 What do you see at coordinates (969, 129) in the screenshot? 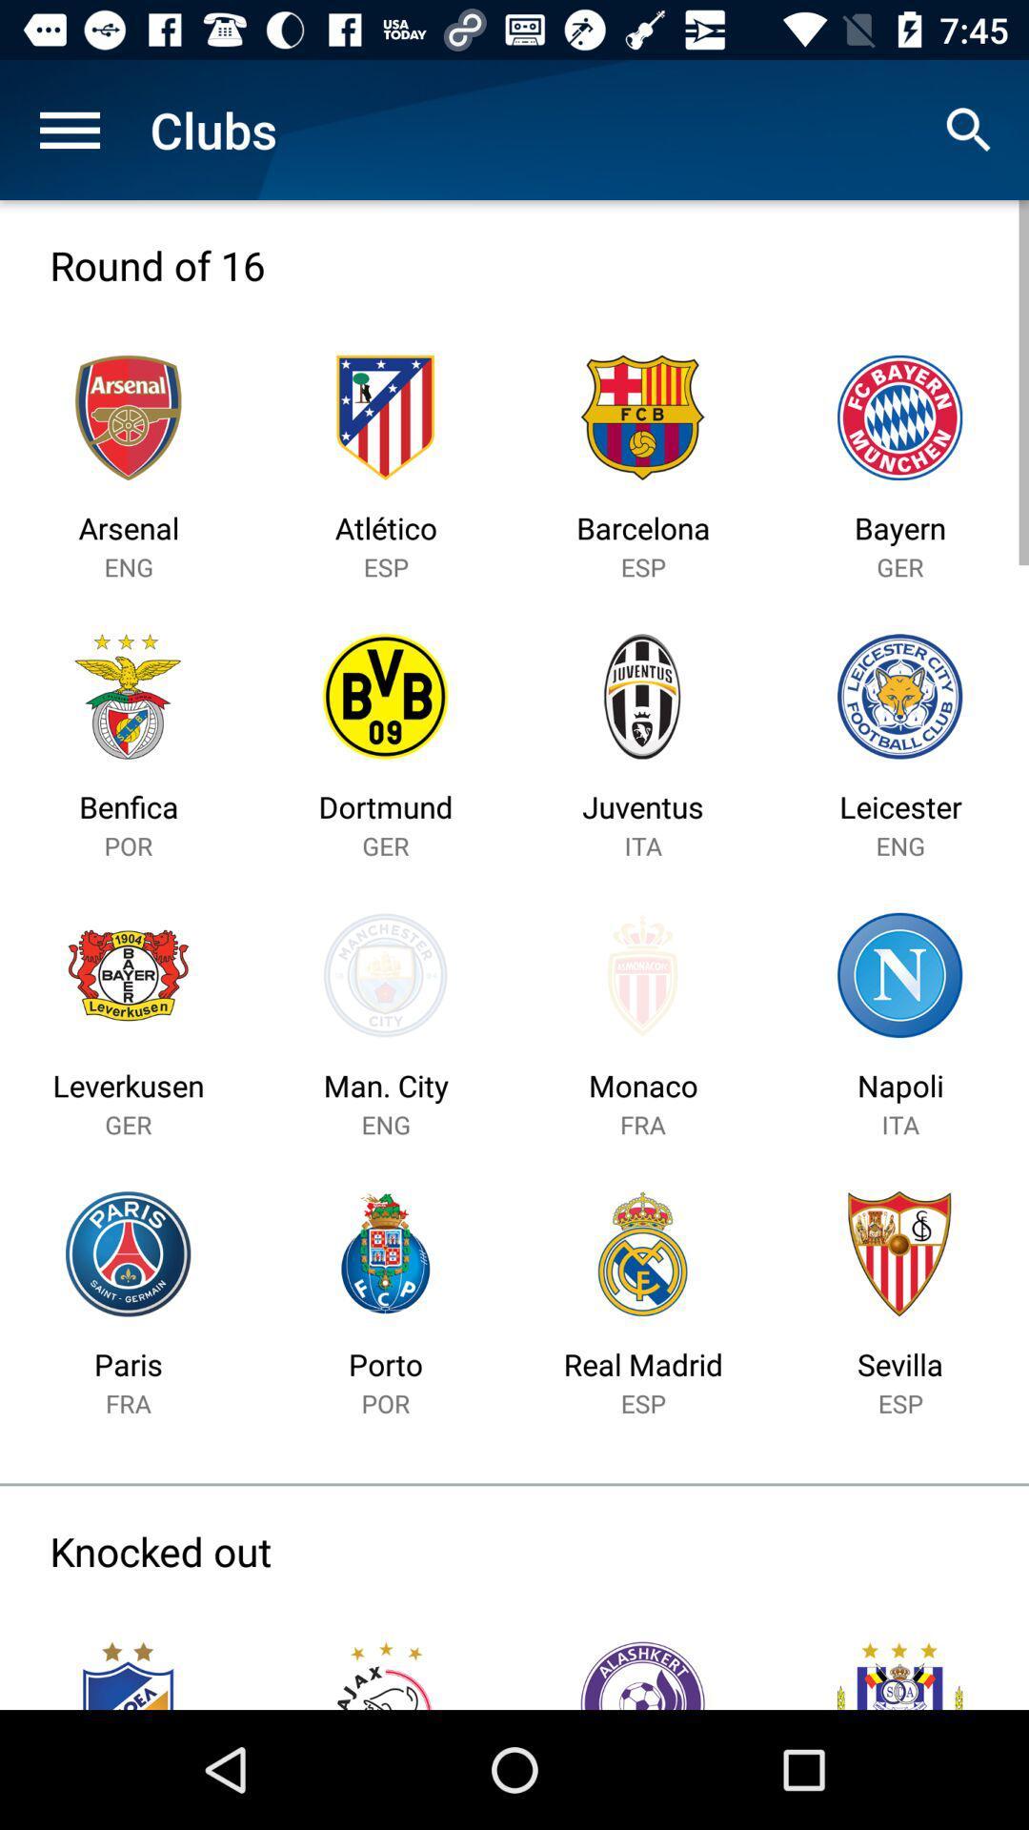
I see `icon next to clubs` at bounding box center [969, 129].